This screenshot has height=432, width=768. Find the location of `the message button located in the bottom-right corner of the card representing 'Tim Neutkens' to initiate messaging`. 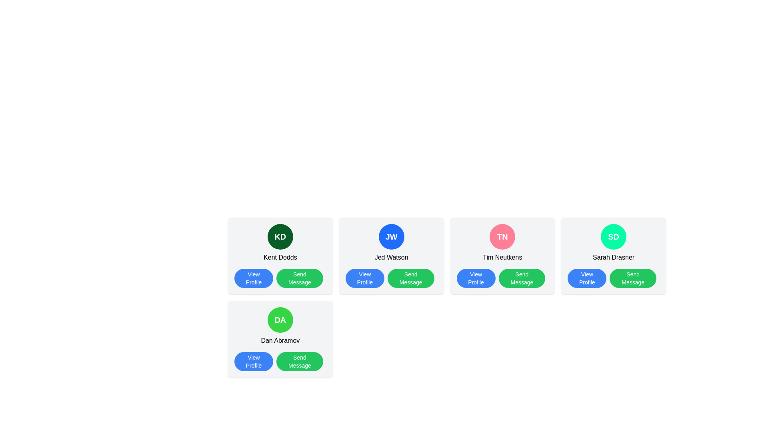

the message button located in the bottom-right corner of the card representing 'Tim Neutkens' to initiate messaging is located at coordinates (522, 278).